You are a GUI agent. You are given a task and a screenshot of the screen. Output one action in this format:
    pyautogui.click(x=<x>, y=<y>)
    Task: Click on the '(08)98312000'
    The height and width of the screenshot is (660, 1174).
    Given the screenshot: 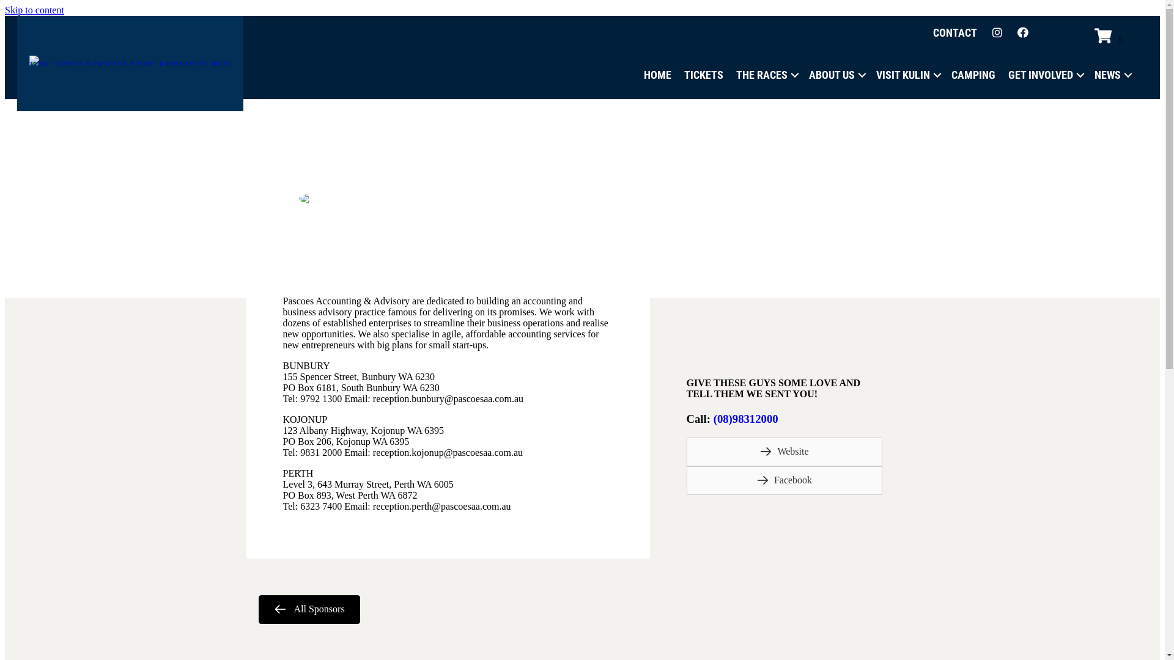 What is the action you would take?
    pyautogui.click(x=745, y=418)
    